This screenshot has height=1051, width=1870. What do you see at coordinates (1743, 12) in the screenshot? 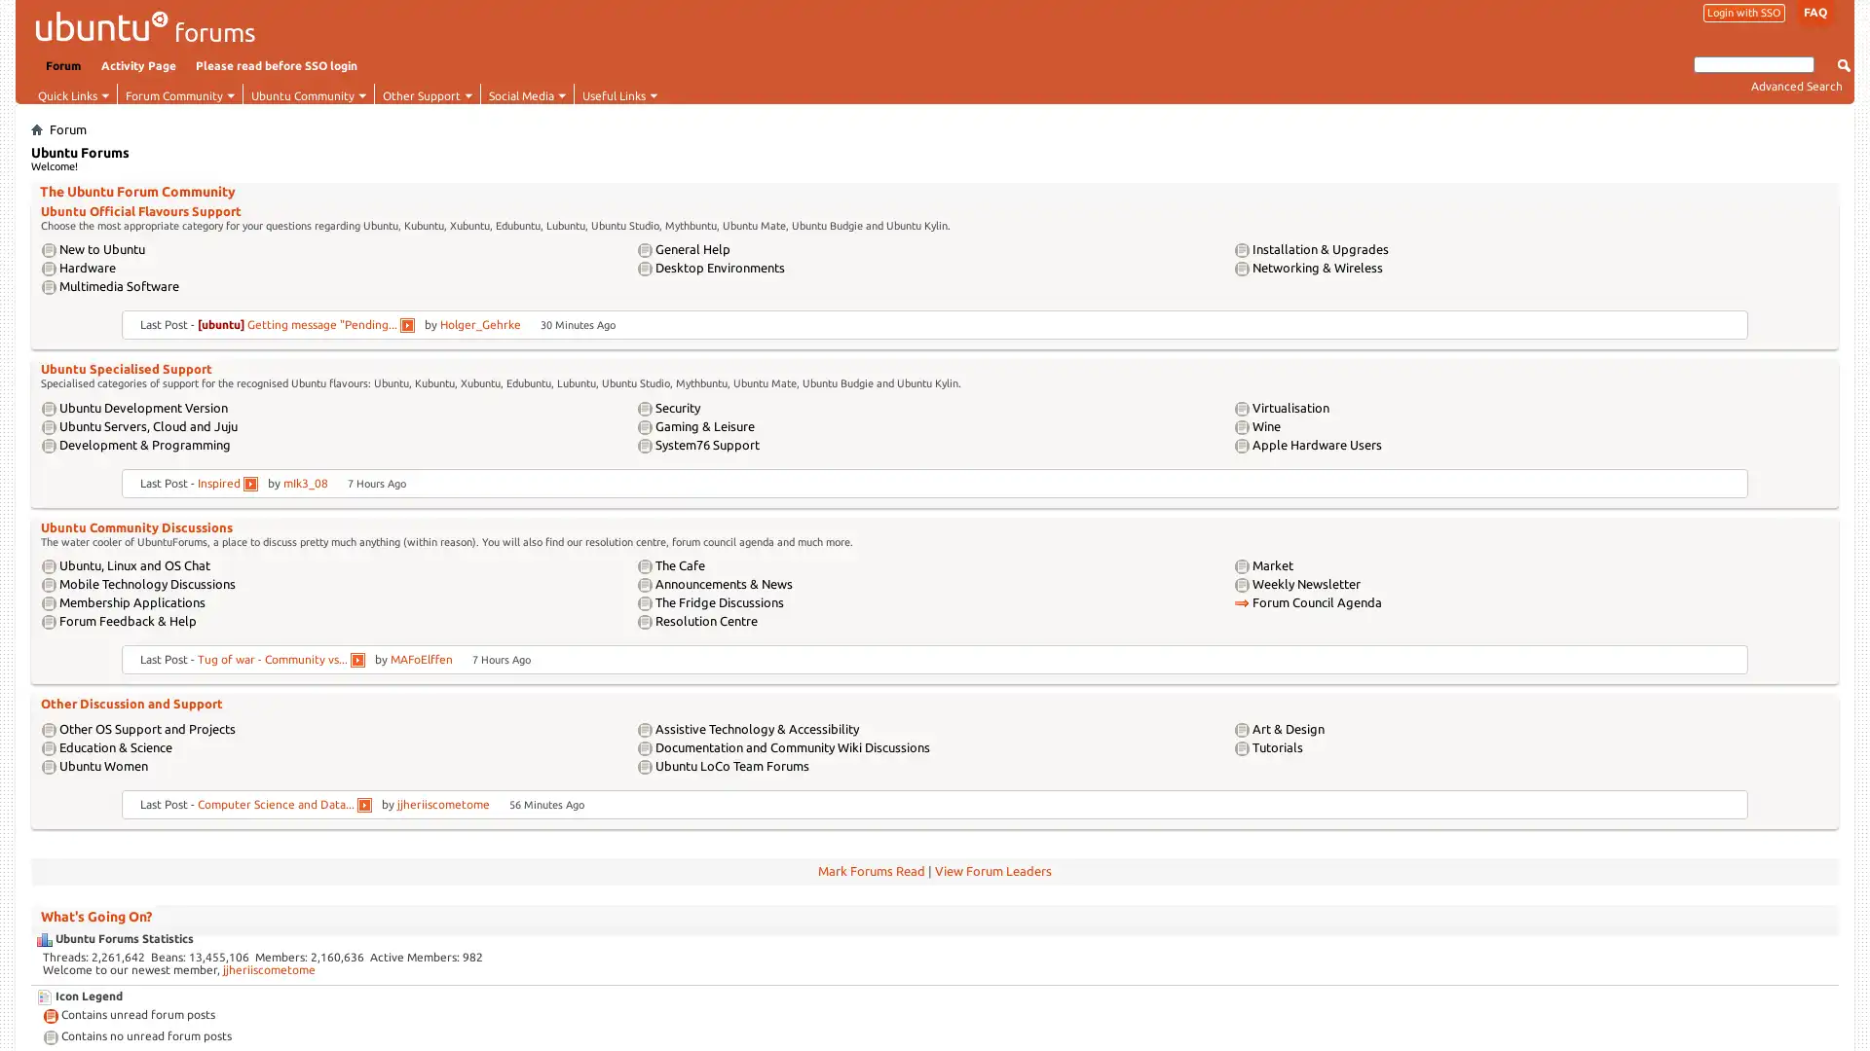
I see `Login with SSO` at bounding box center [1743, 12].